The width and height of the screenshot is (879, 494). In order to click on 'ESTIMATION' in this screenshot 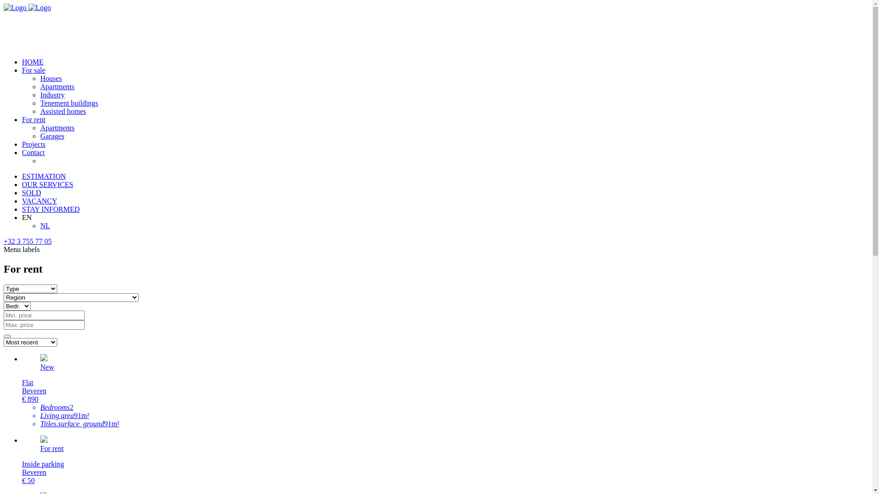, I will do `click(43, 176)`.